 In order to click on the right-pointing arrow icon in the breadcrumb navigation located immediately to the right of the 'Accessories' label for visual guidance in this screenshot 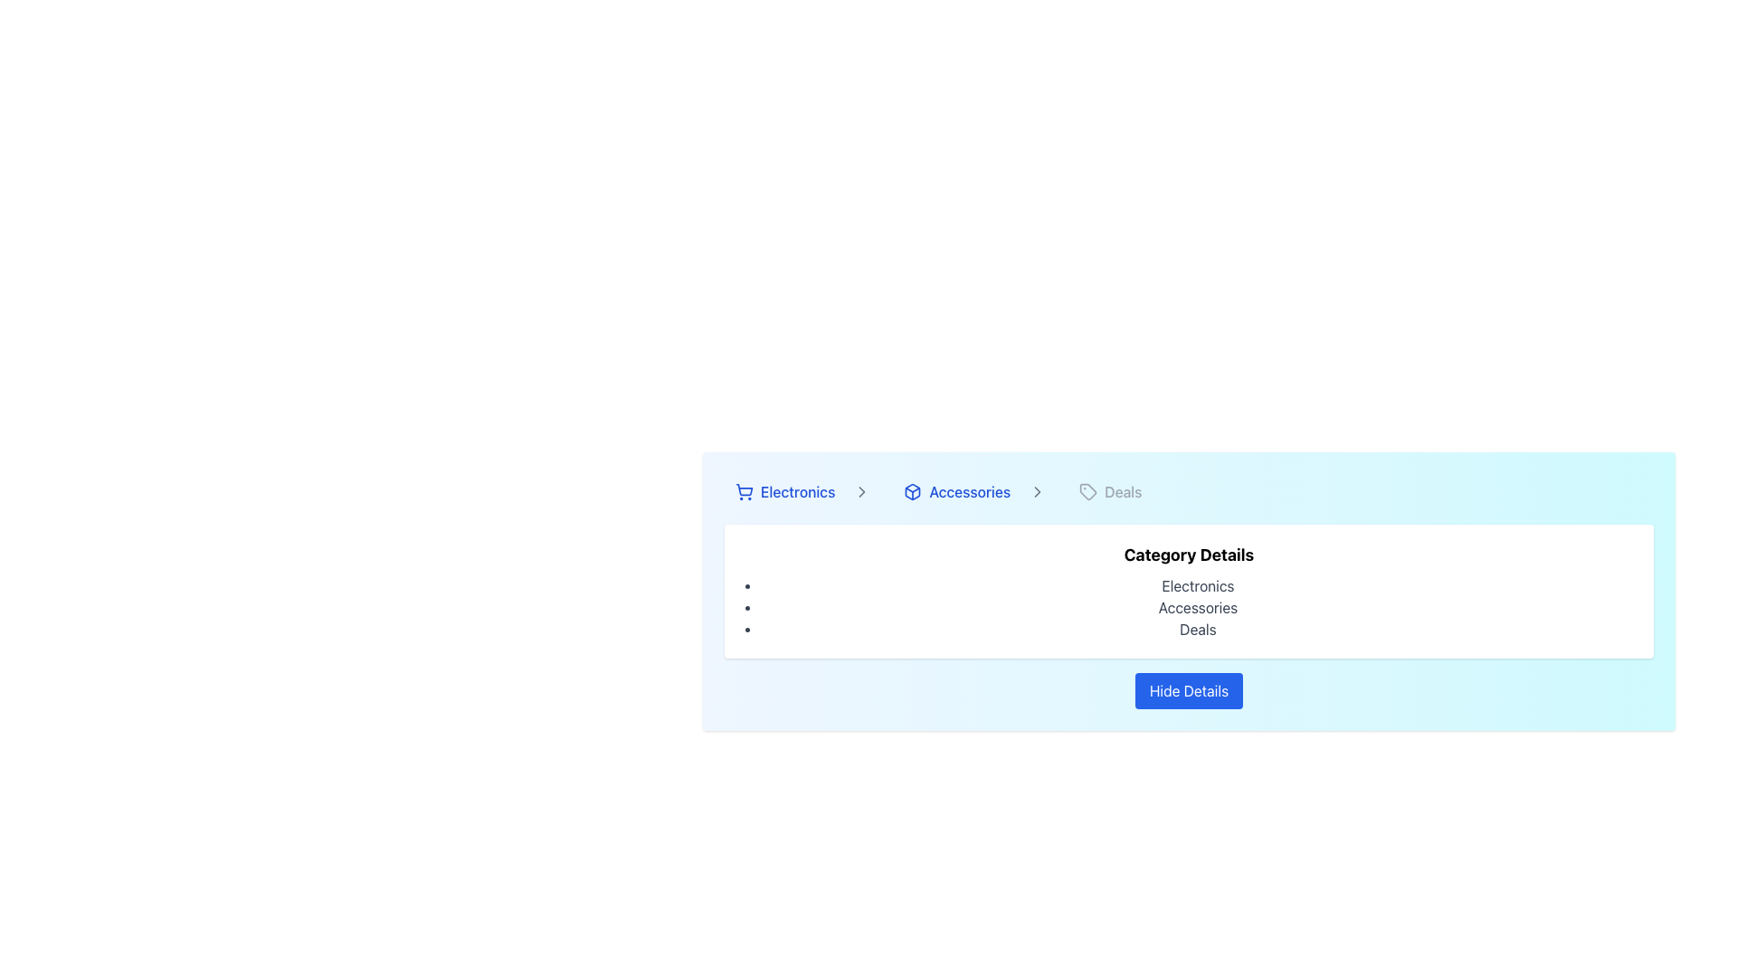, I will do `click(1038, 491)`.